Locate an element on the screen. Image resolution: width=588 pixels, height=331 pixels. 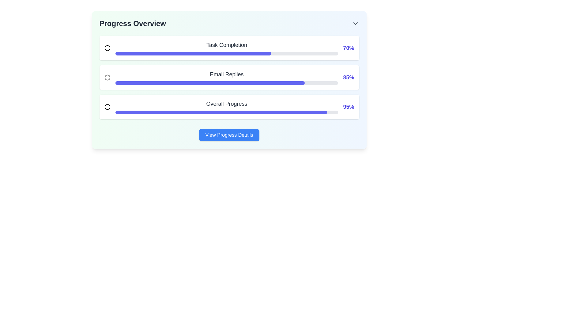
the 'Email Replies' progress bar to gather further context about its status is located at coordinates (226, 77).